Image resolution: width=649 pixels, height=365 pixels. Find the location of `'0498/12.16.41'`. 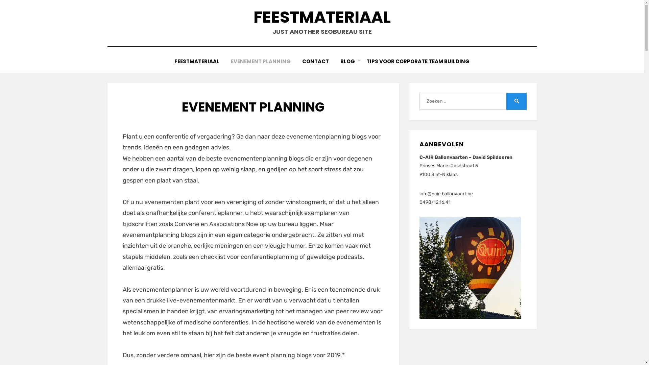

'0498/12.16.41' is located at coordinates (435, 202).